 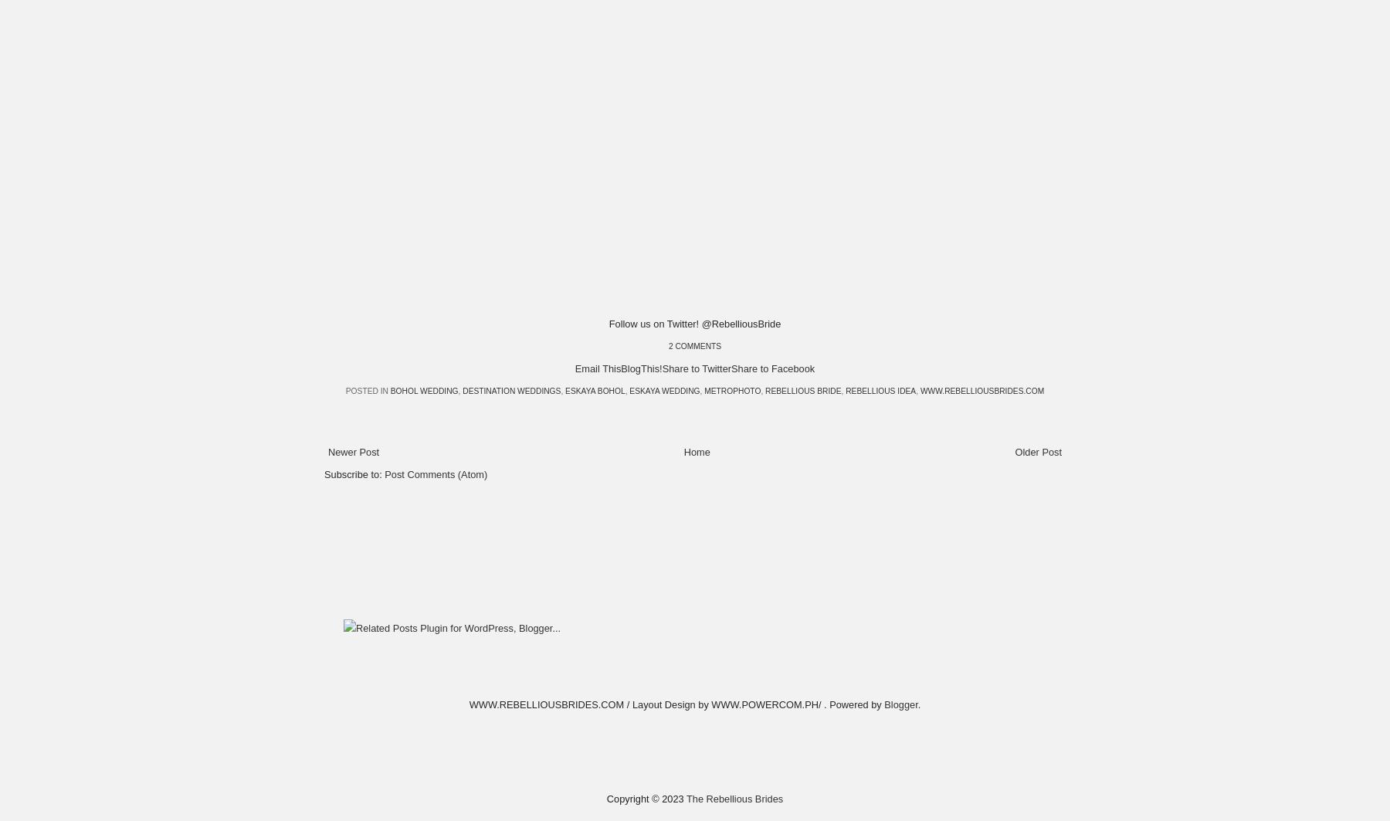 I want to click on 'www.rebelliousbrides.com', so click(x=981, y=390).